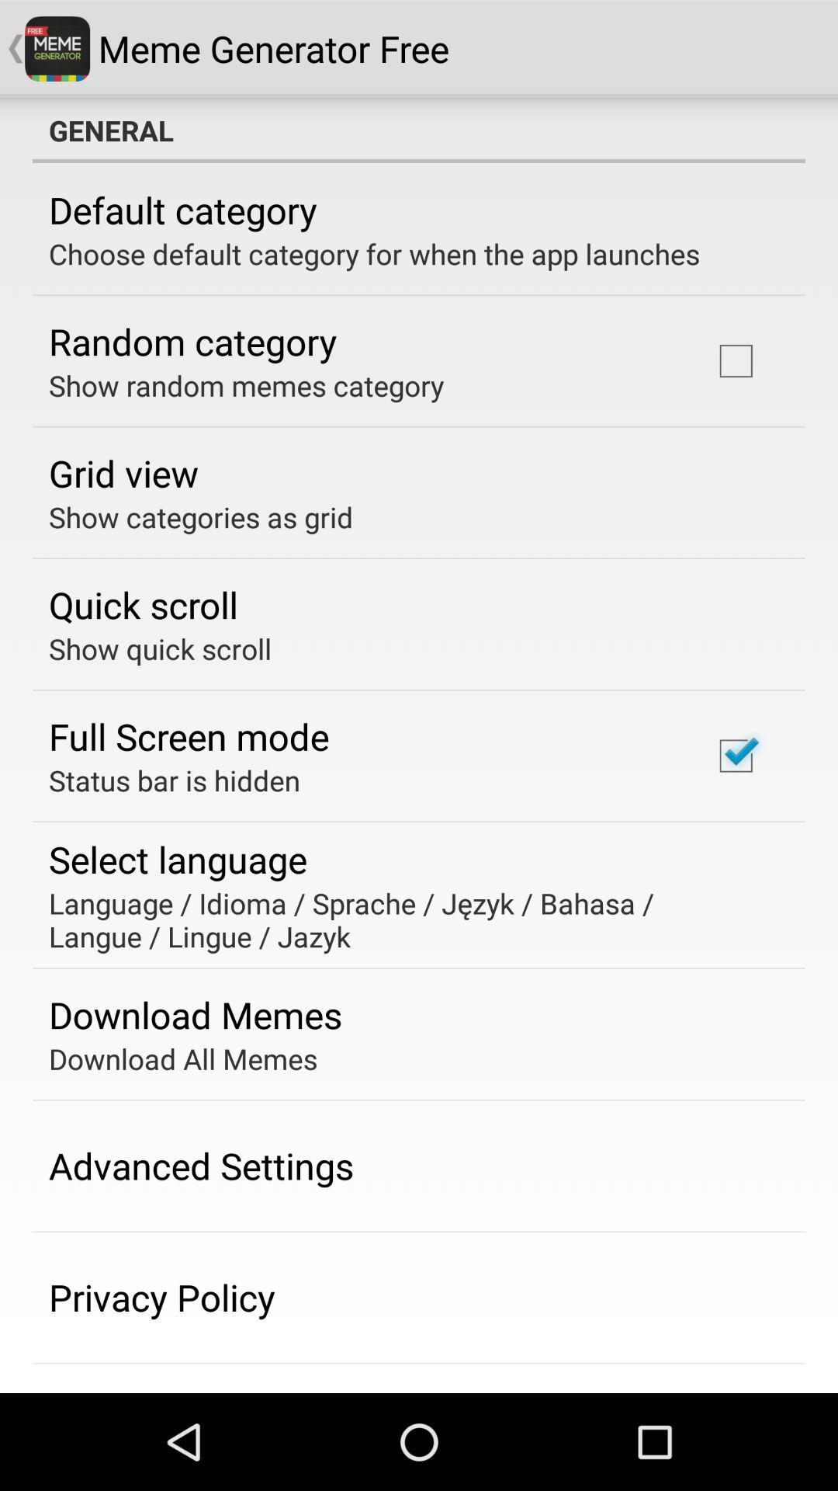 This screenshot has height=1491, width=838. I want to click on item below advanced settings item, so click(161, 1297).